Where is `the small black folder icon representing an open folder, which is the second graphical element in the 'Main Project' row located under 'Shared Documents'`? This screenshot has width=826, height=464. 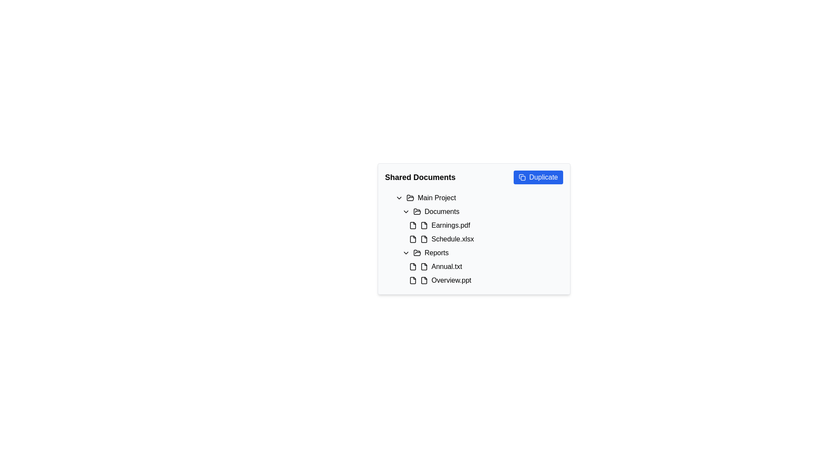
the small black folder icon representing an open folder, which is the second graphical element in the 'Main Project' row located under 'Shared Documents' is located at coordinates (410, 198).